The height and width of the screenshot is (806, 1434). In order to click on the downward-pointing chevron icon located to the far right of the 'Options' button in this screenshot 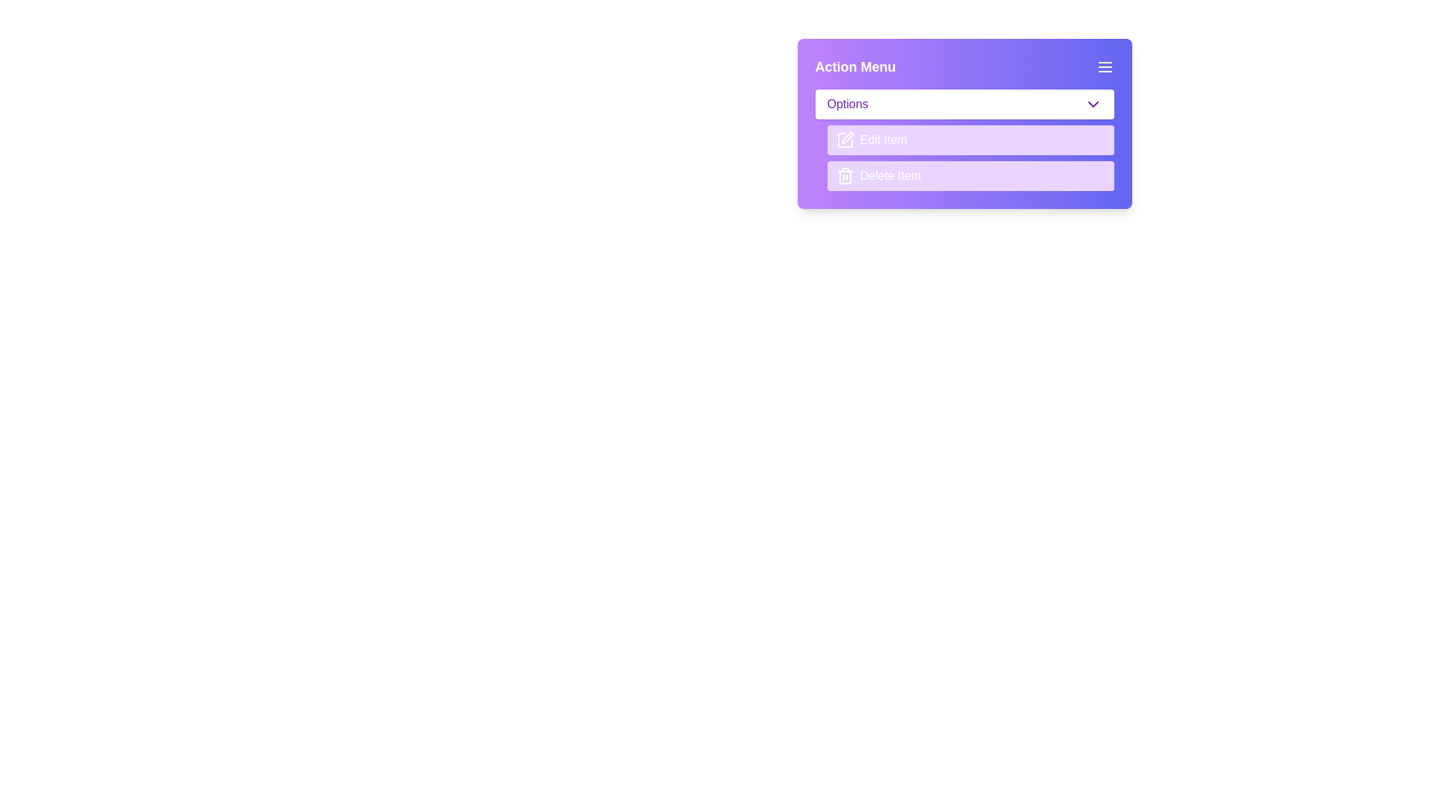, I will do `click(1093, 103)`.